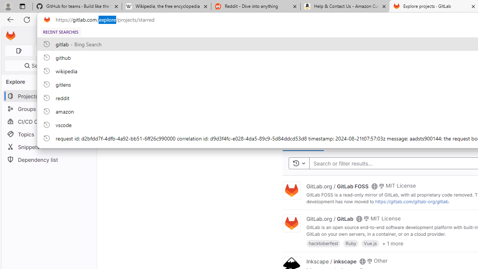 This screenshot has width=478, height=269. What do you see at coordinates (323, 243) in the screenshot?
I see `'hacktoberfest'` at bounding box center [323, 243].